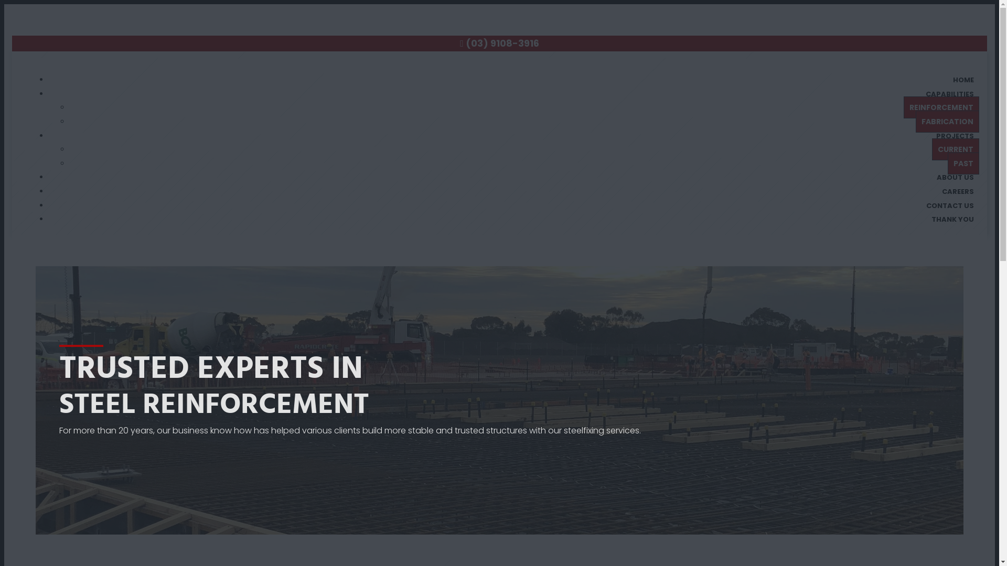 This screenshot has width=1007, height=566. I want to click on 'THANK YOU', so click(926, 219).